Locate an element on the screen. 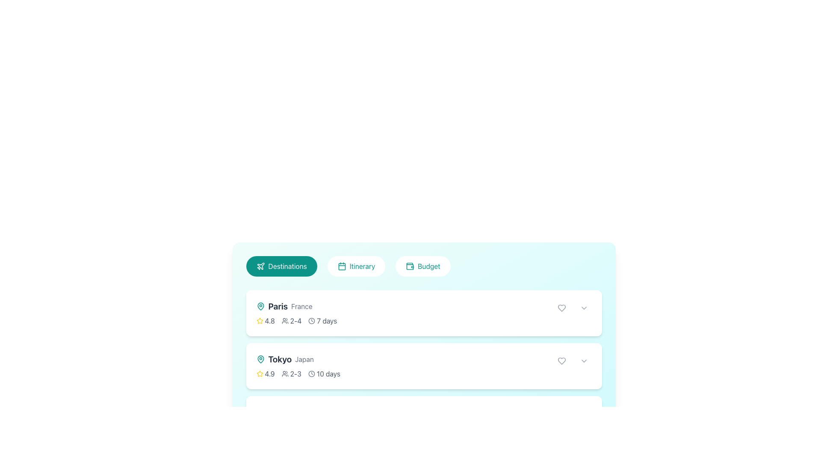 The width and height of the screenshot is (821, 461). the Informational Display Block for Tokyo, Japan is located at coordinates (298, 365).